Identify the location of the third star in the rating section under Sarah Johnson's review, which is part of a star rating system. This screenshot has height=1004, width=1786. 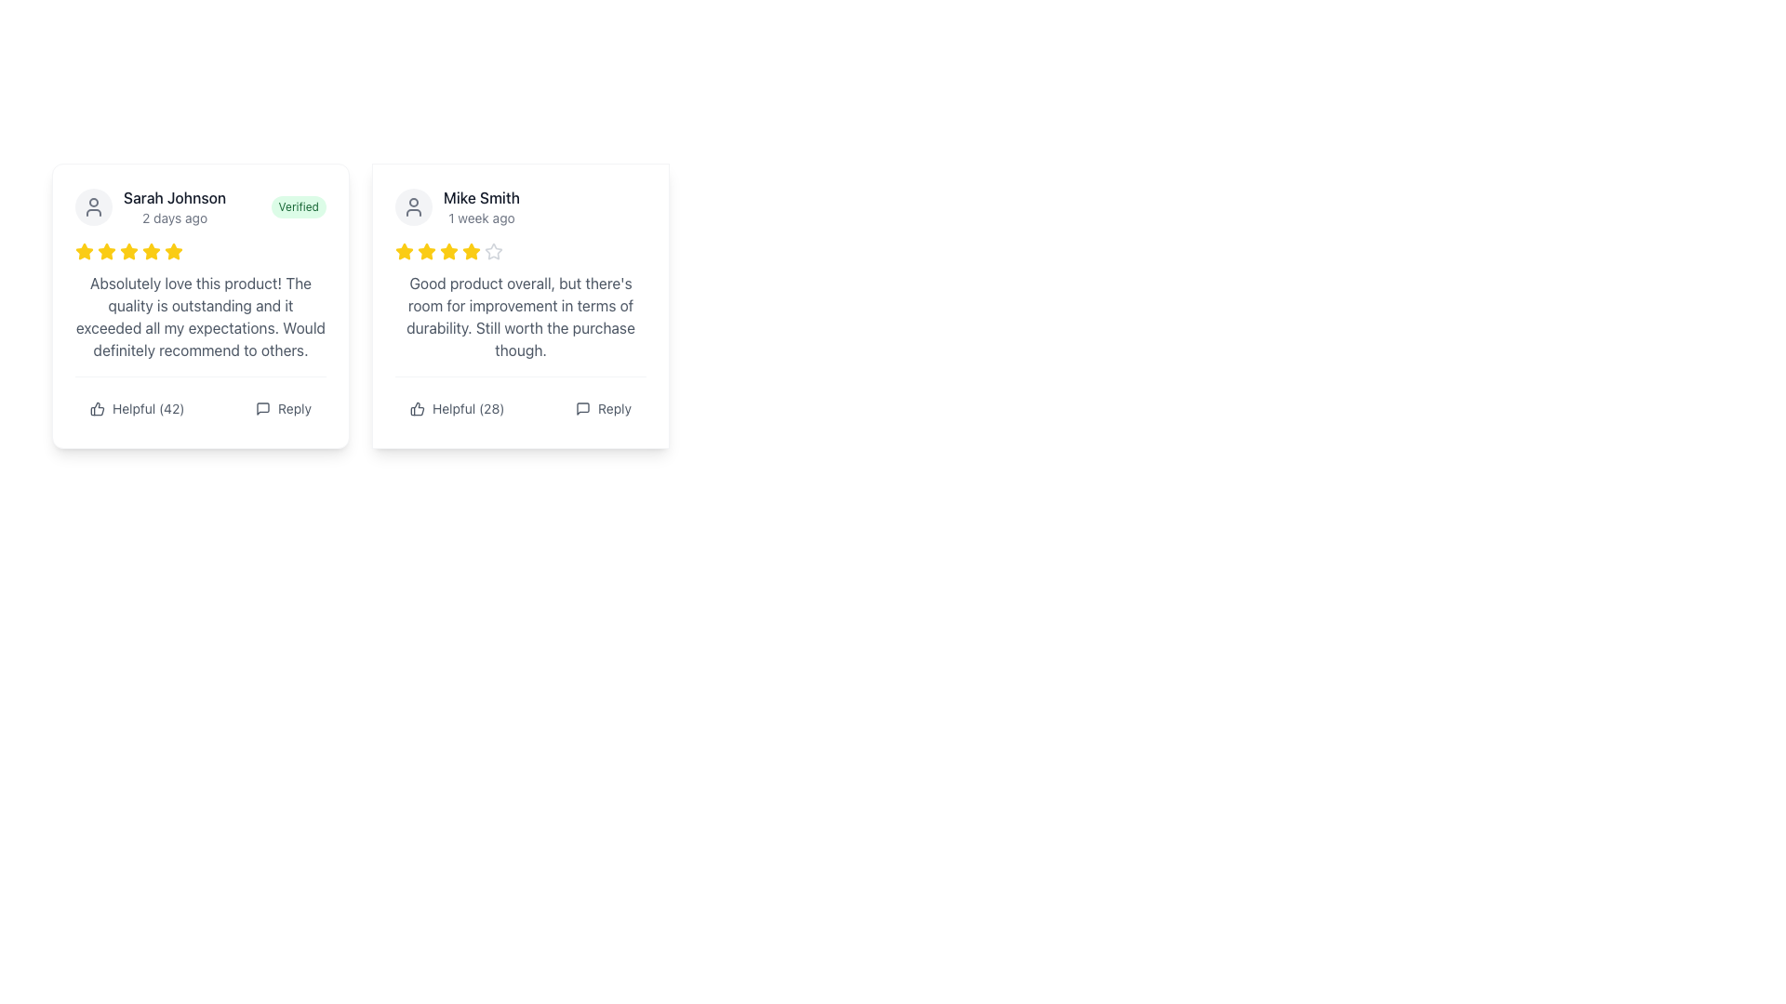
(106, 251).